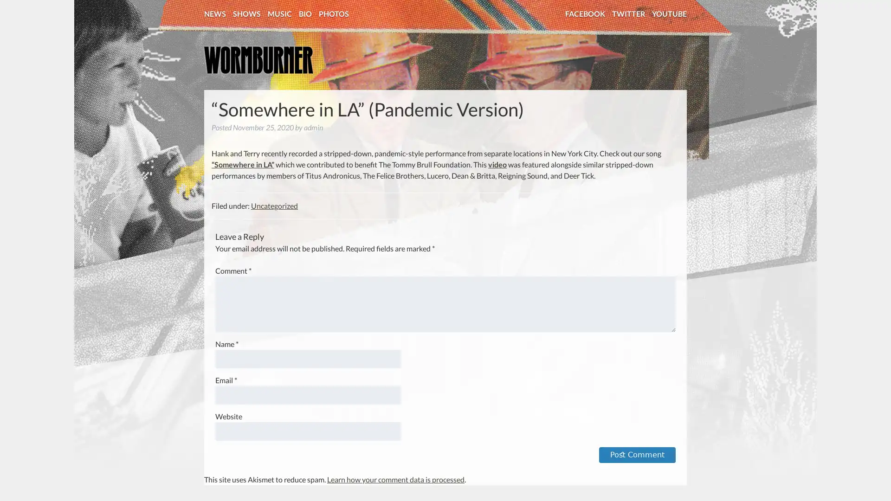 The image size is (891, 501). Describe the element at coordinates (637, 454) in the screenshot. I see `Post Comment` at that location.